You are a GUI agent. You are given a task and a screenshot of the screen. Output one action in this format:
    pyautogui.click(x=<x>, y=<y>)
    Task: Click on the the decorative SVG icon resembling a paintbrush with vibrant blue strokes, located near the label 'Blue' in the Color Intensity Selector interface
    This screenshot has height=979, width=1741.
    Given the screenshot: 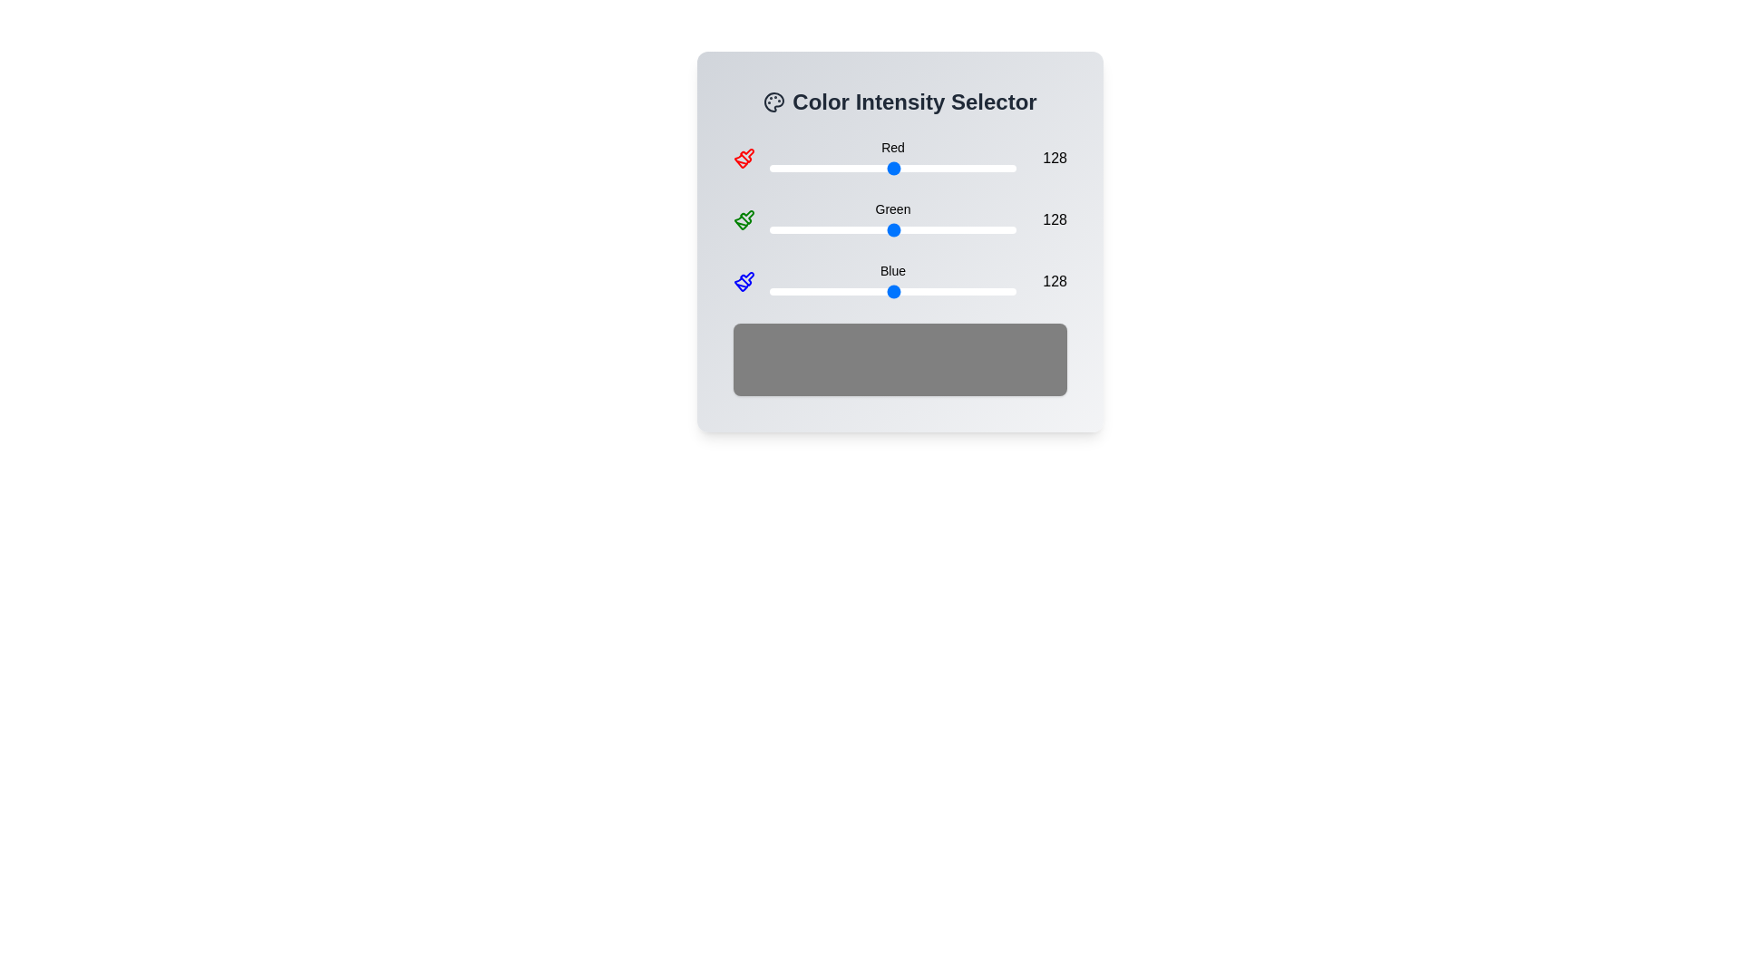 What is the action you would take?
    pyautogui.click(x=747, y=278)
    